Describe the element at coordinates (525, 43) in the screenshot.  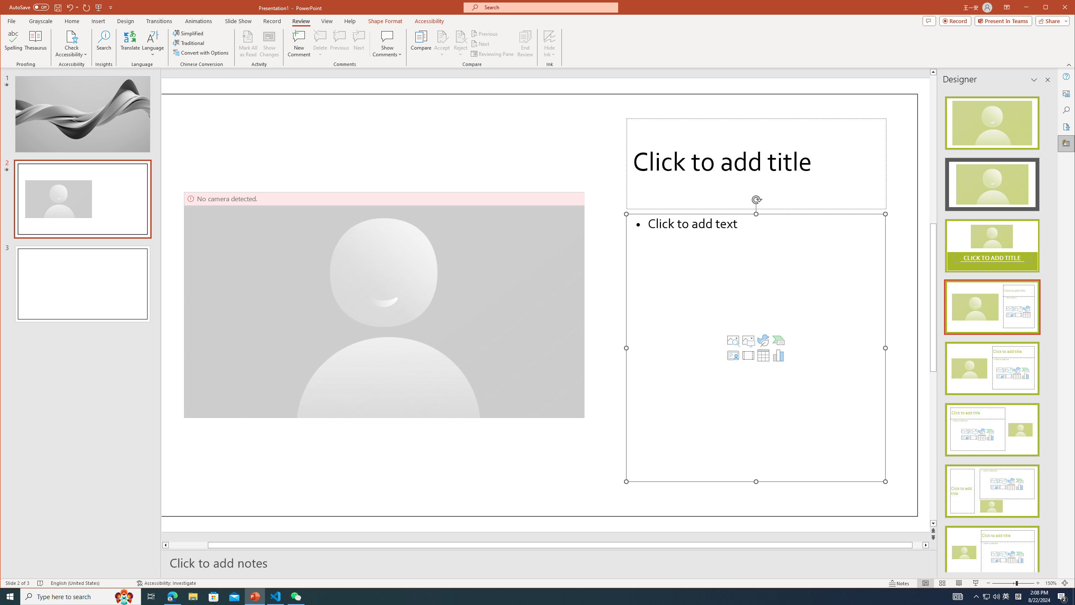
I see `'End Review'` at that location.